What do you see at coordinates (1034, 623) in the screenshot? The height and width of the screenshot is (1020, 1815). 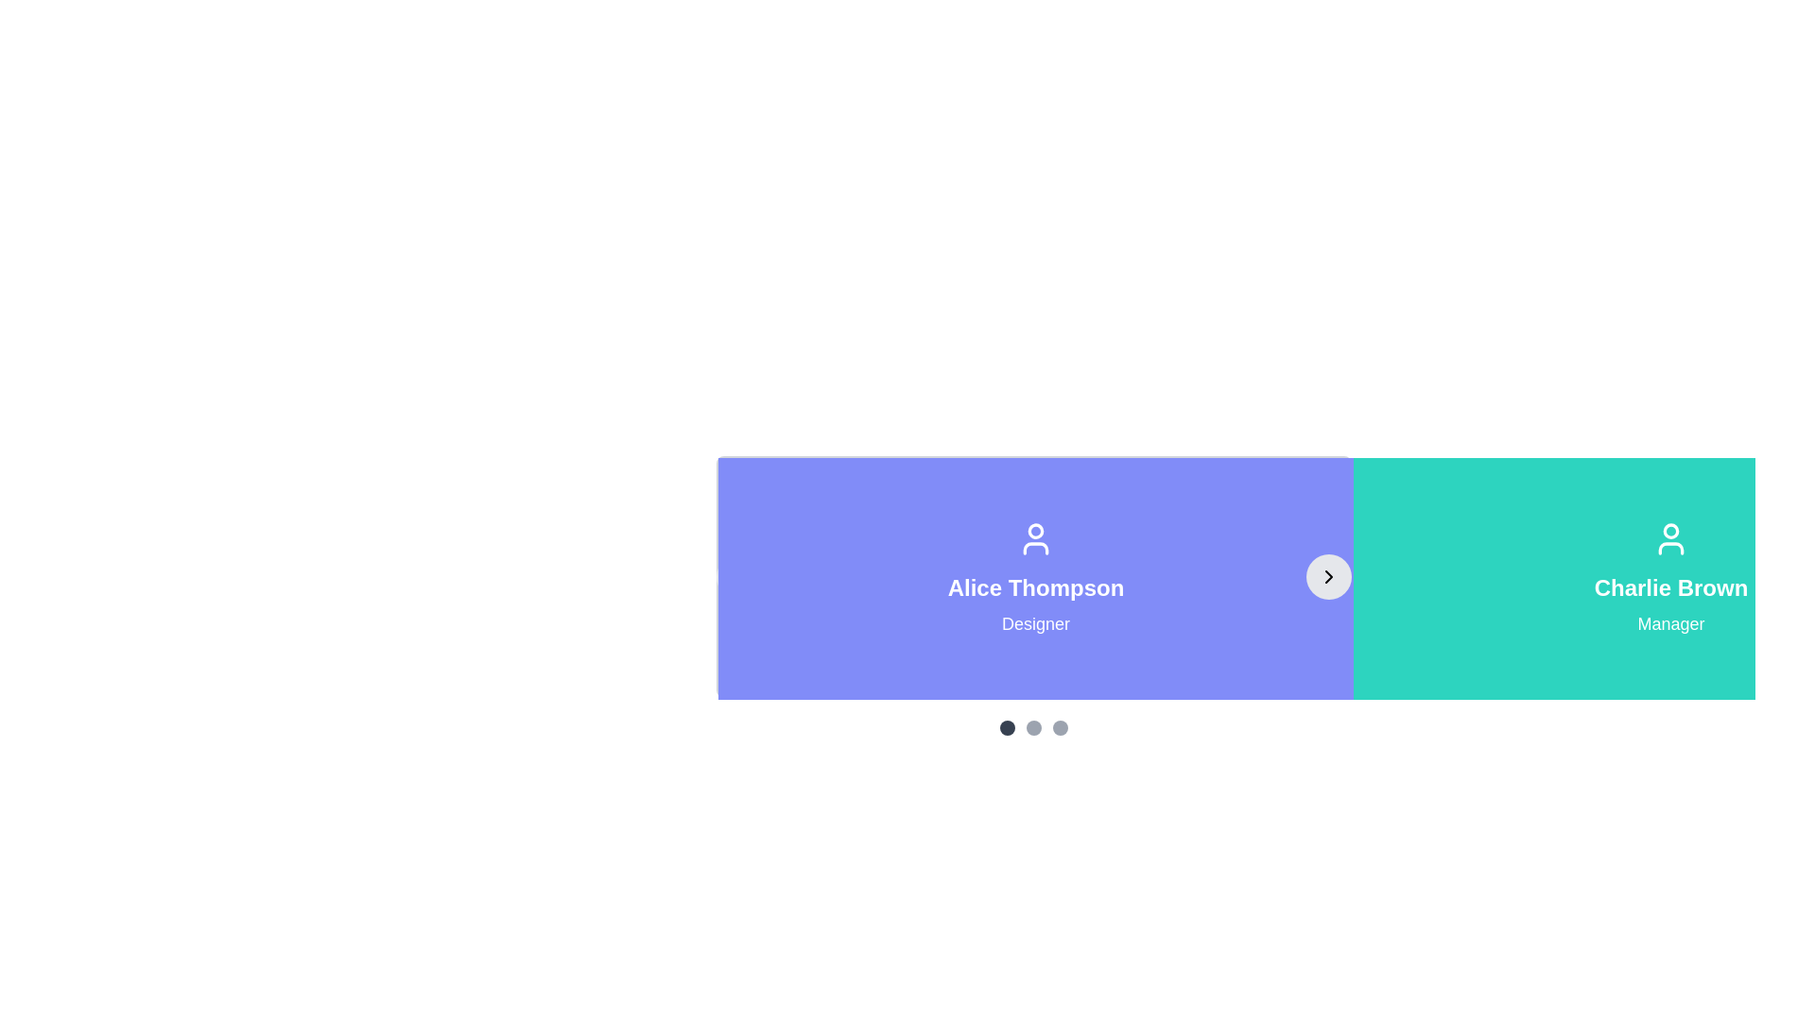 I see `the text 'Designer' displayed in a medium-sized, bold font with white color on a purple background, located in the lower section of the card titled 'Alice Thompson'` at bounding box center [1034, 623].